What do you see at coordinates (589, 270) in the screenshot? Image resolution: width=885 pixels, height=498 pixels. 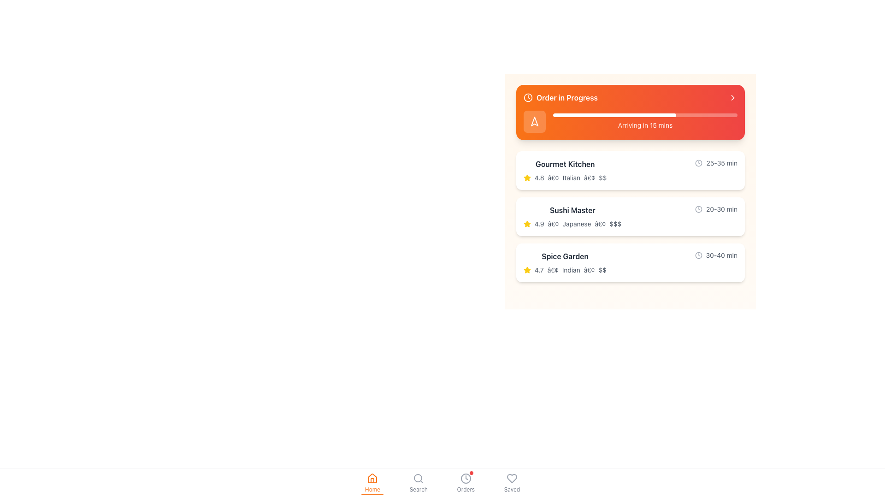 I see `the text or glyph separator that visually separates the information between 'Indian' and '$$' in the details of the restaurant 'Spice Garden', which is the third bullet point in the sequence` at bounding box center [589, 270].